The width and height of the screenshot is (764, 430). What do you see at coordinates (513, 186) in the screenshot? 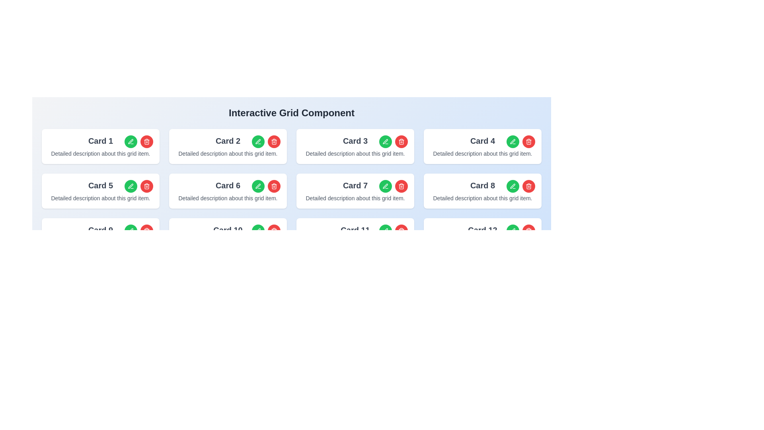
I see `the pen-shaped icon button with a green circular background located in Card 8, to the left of the red trash bin icon` at bounding box center [513, 186].